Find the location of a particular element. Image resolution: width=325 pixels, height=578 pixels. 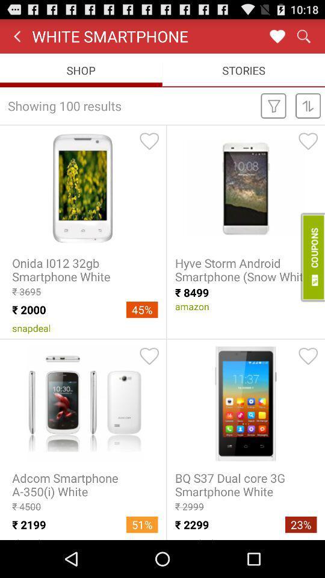

the filter button which is first below stories is located at coordinates (274, 105).